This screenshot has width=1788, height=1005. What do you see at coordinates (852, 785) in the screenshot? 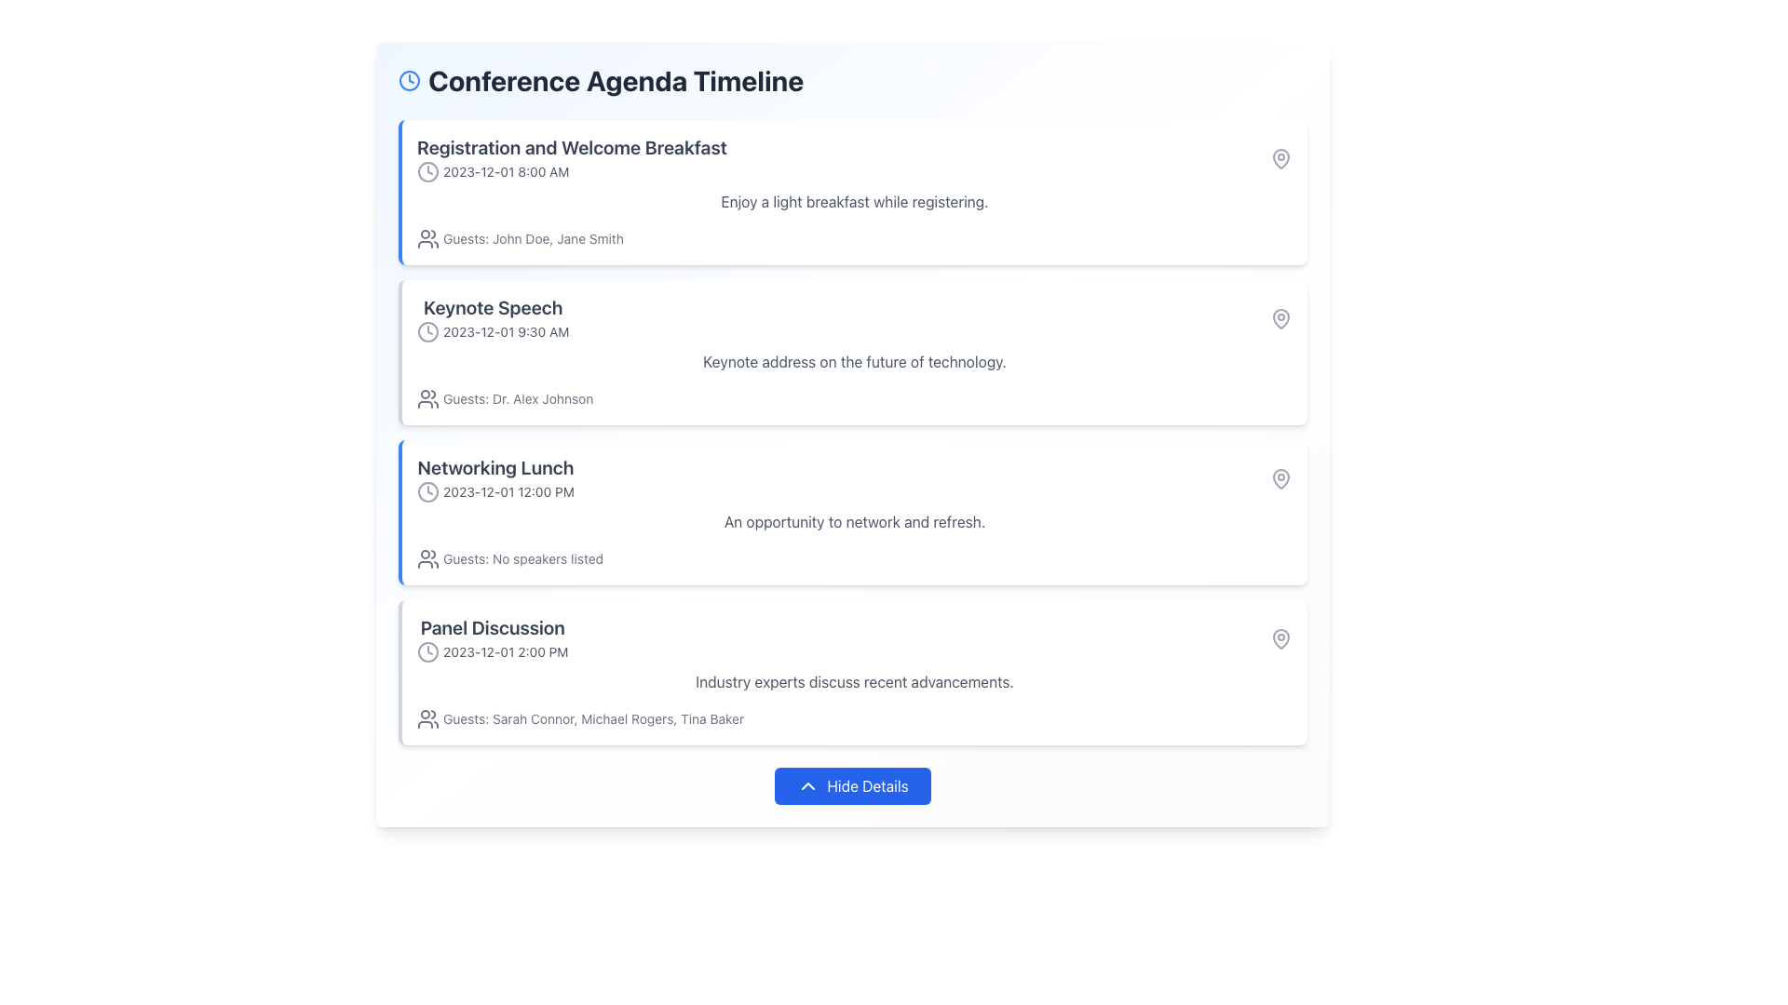
I see `the button located at the bottom of the 'Conference Agenda Timeline' section` at bounding box center [852, 785].